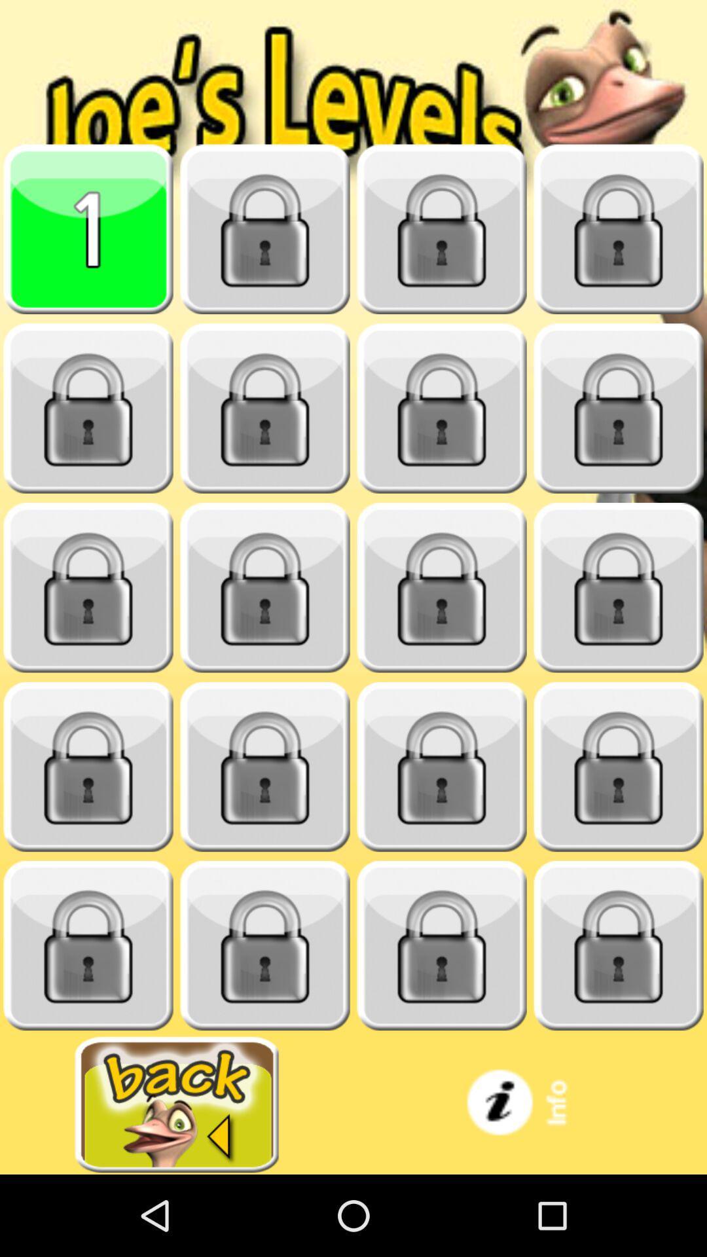 Image resolution: width=707 pixels, height=1257 pixels. I want to click on unlock level, so click(265, 945).